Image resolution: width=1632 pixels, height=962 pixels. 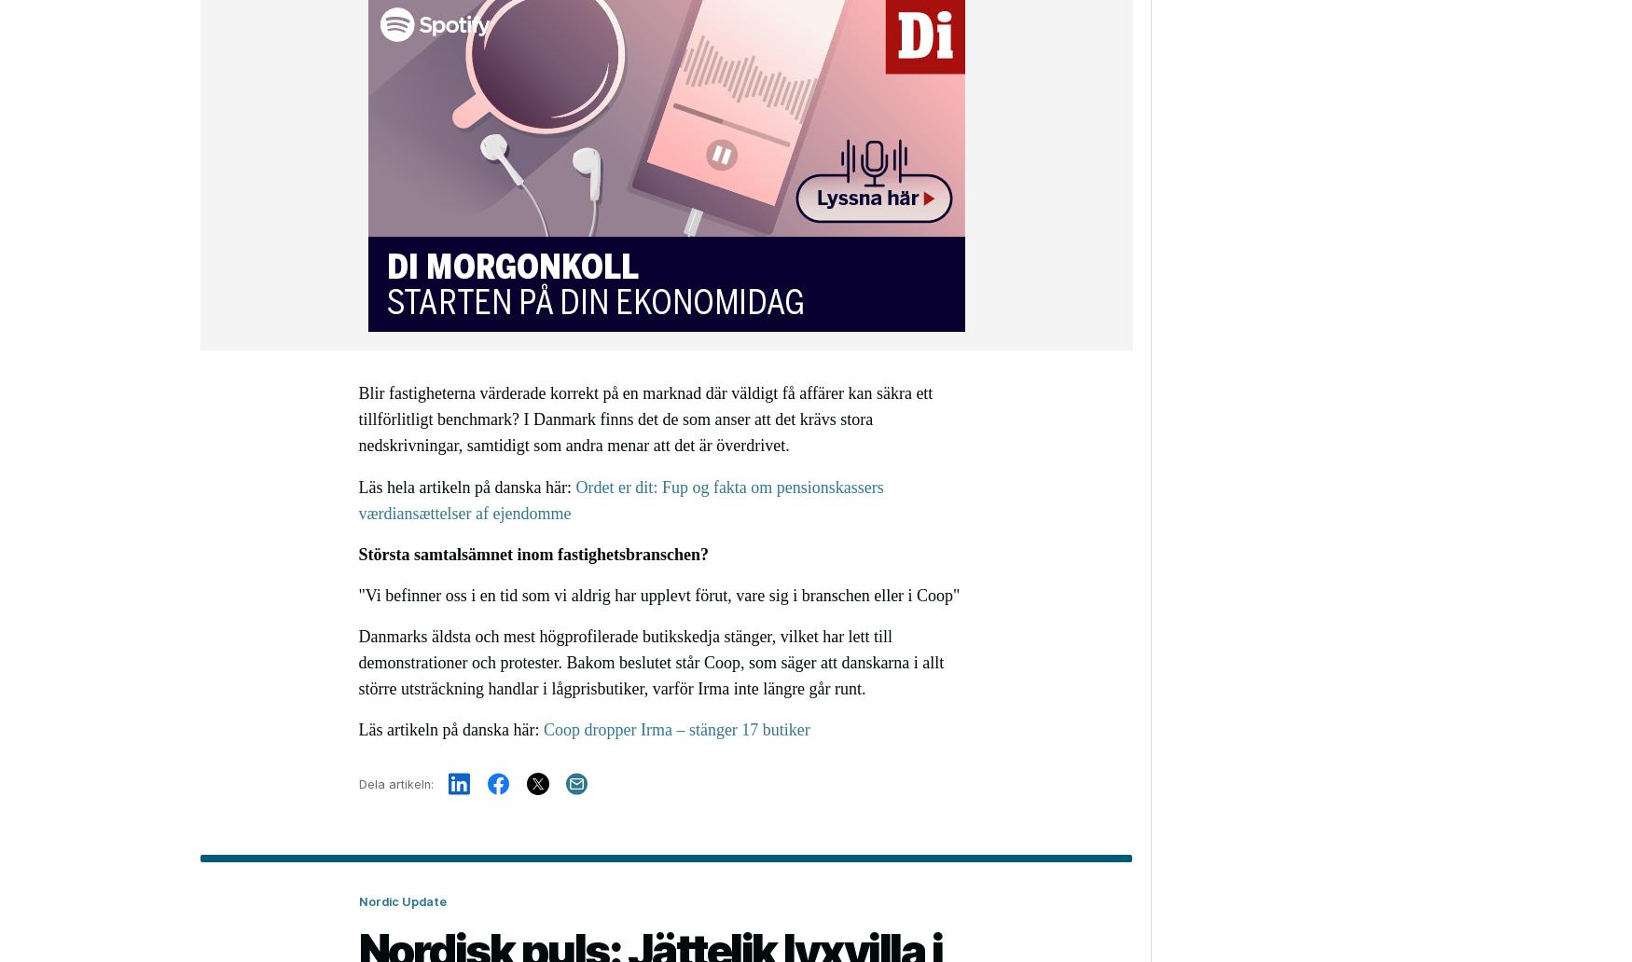 What do you see at coordinates (651, 661) in the screenshot?
I see `'Danmarks äldsta och mest högprofilerade butikskedja stänger, vilket har lett till demonstrationer och protester. Bakom beslutet står Coop, som säger att danskarna i allt större utsträckning handlar i lågprisbutiker, varför Irma inte längre går runt.'` at bounding box center [651, 661].